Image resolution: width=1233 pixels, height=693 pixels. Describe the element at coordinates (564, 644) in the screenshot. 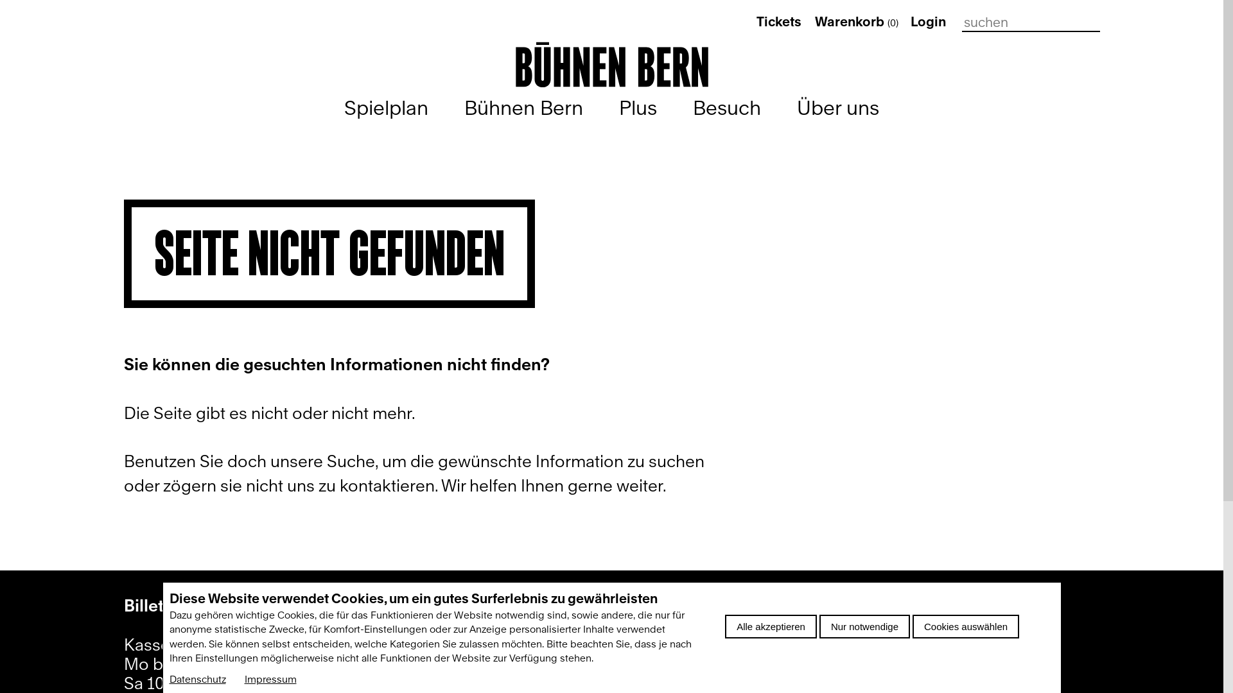

I see `'Monatsspielplan (Leporello)'` at that location.